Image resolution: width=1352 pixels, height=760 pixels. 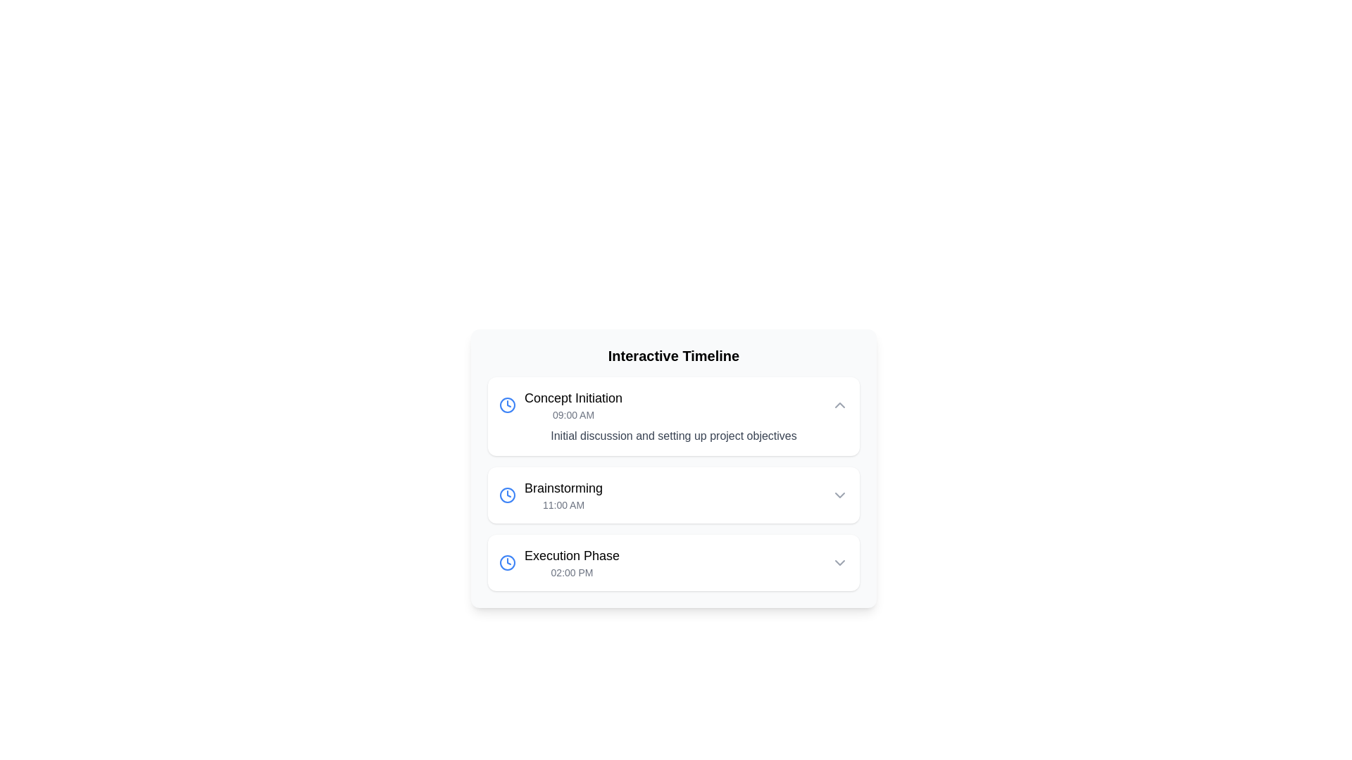 I want to click on the clock icon representing the 'Brainstorming' event timestamp in the timeline, located to the left of the 'Brainstorming' heading and '11:00 AM' timestamp, so click(x=507, y=495).